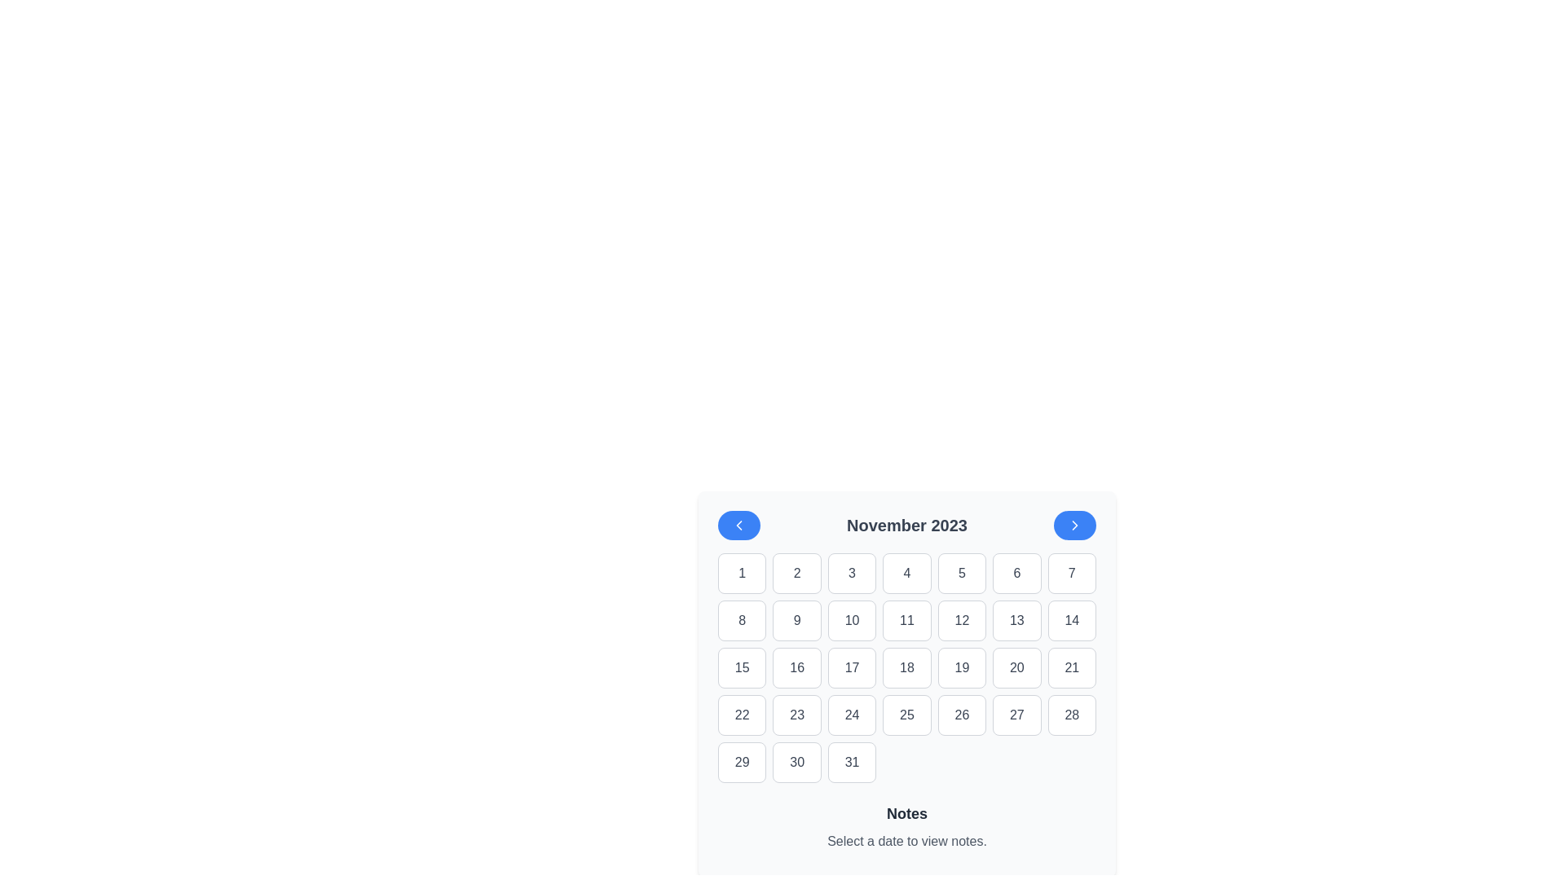 The width and height of the screenshot is (1565, 880). I want to click on the small, square-shaped button with rounded corners displaying the number '19' to trigger hover effects, so click(962, 668).